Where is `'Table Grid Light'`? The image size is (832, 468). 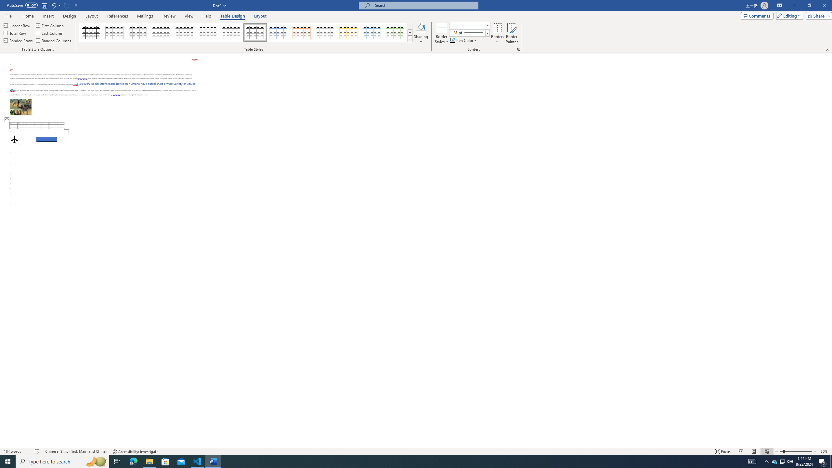
'Table Grid Light' is located at coordinates (114, 32).